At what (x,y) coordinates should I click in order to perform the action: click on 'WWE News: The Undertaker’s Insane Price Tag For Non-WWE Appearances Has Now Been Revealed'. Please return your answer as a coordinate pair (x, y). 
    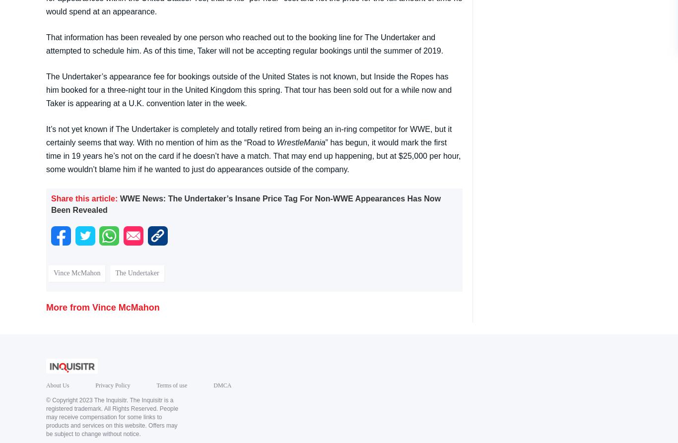
    Looking at the image, I should click on (246, 203).